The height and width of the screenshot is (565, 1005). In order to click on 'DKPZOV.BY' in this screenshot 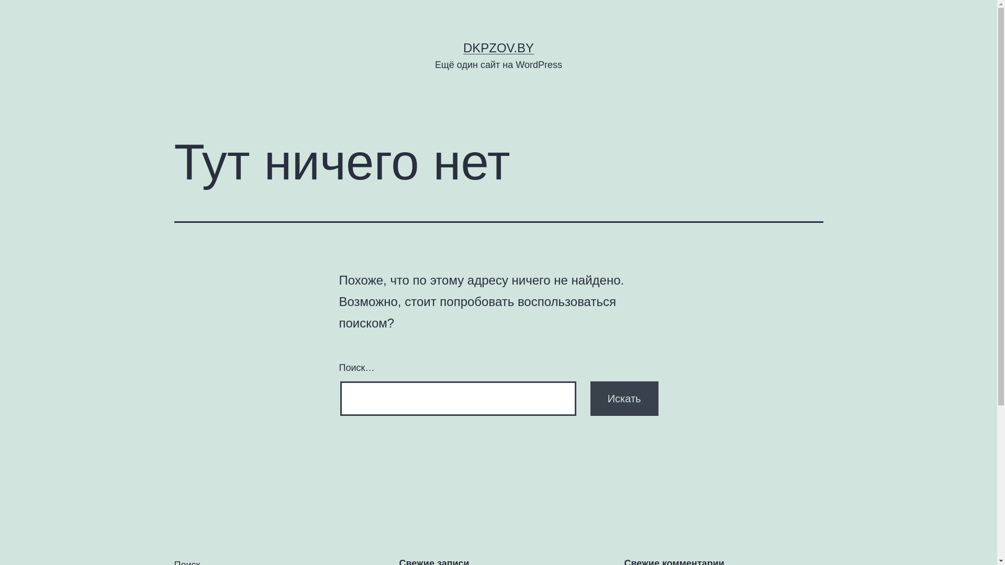, I will do `click(498, 48)`.